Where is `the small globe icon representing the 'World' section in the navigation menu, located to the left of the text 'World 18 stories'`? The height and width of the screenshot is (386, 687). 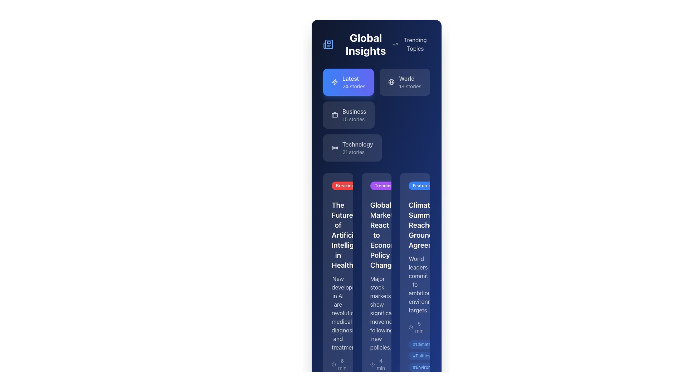
the small globe icon representing the 'World' section in the navigation menu, located to the left of the text 'World 18 stories' is located at coordinates (391, 82).